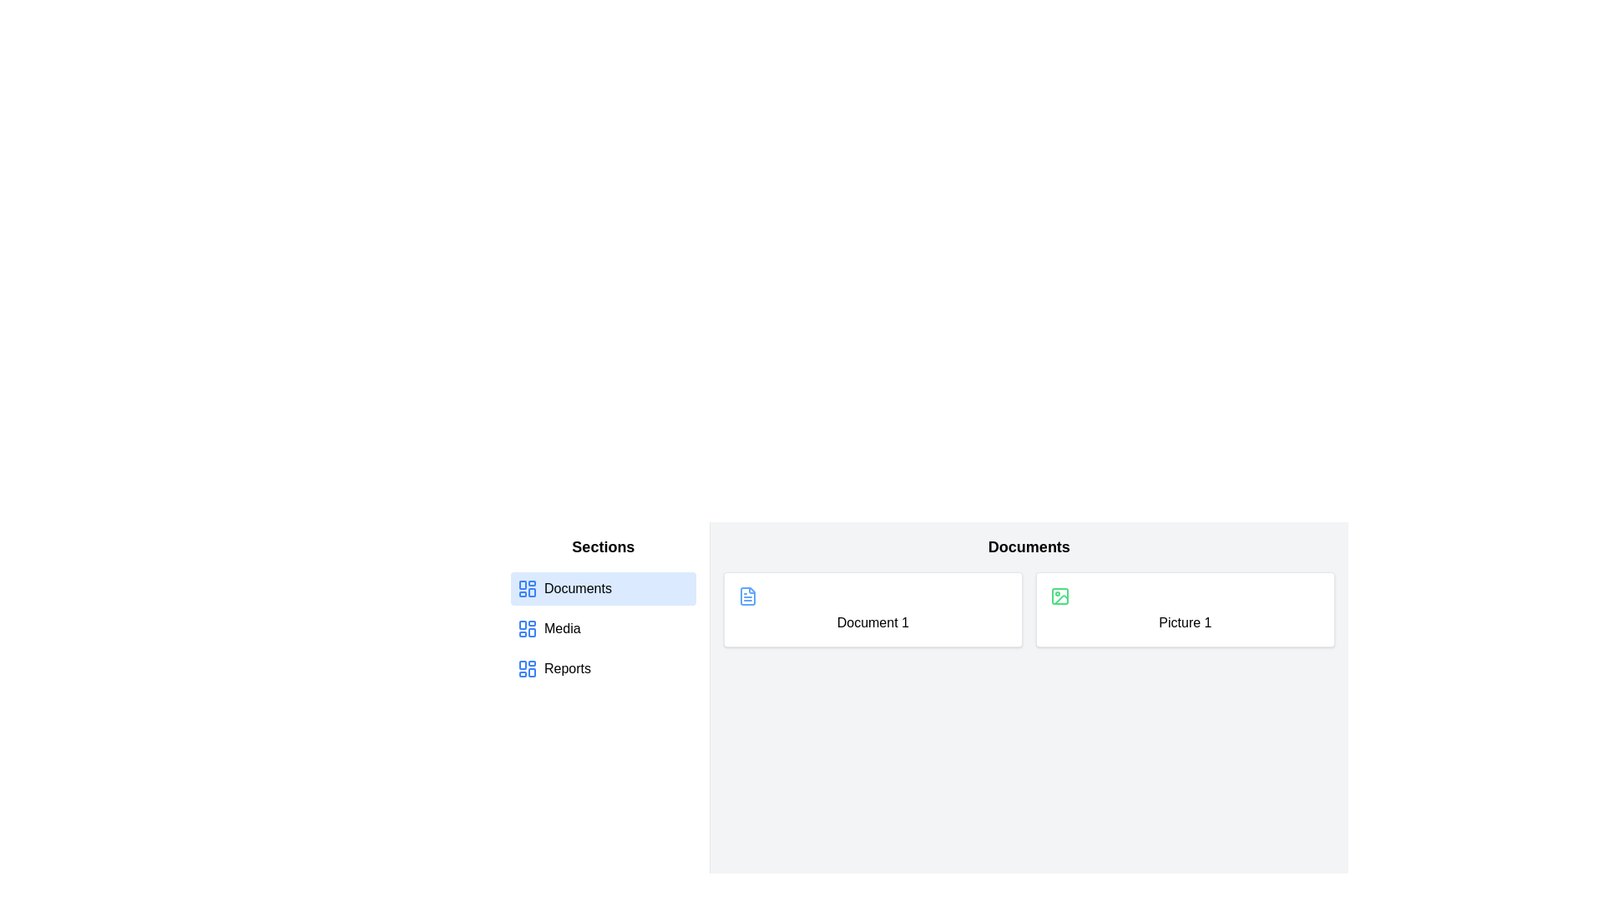 The image size is (1603, 901). I want to click on the rectangular sub-element of the SVG-based icon located in the lower right quadrant of the dashboard icon, characterized by slightly rounded corners and dimensions of 7x9 units, so click(531, 591).